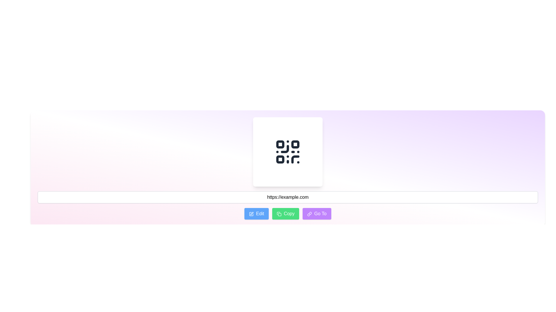 The height and width of the screenshot is (312, 556). I want to click on the 'Copy' button, which is a rectangular button with a green background and white text, located between the 'Edit' and 'Go To' buttons, so click(286, 214).